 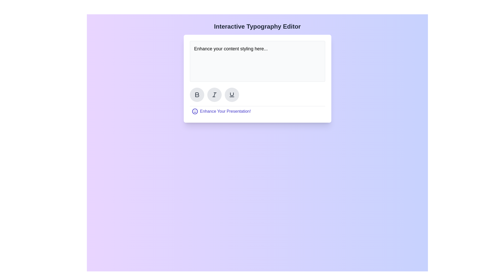 What do you see at coordinates (231, 95) in the screenshot?
I see `the third circular button from the left below the text area to apply underlined styling to the selected text` at bounding box center [231, 95].